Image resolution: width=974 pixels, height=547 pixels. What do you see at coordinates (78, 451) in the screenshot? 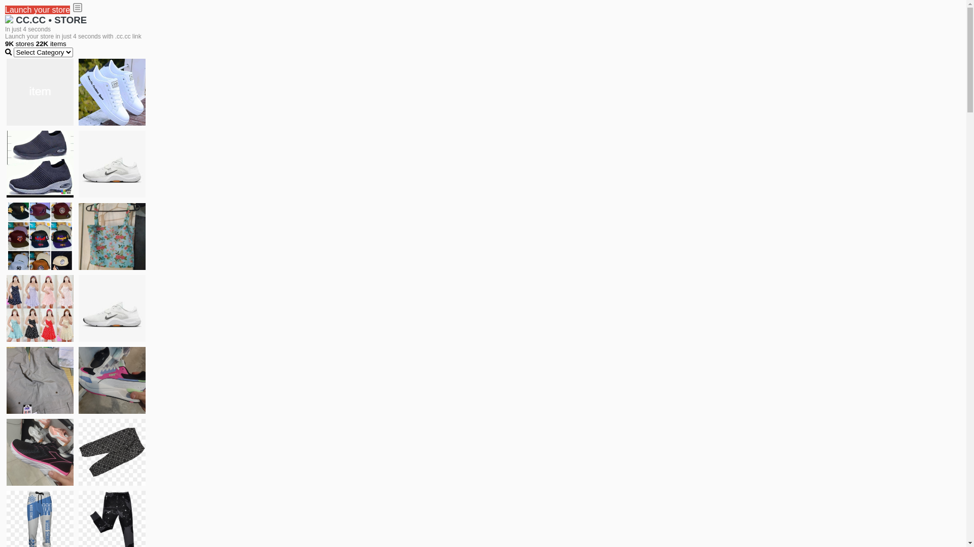
I see `'Short pant'` at bounding box center [78, 451].